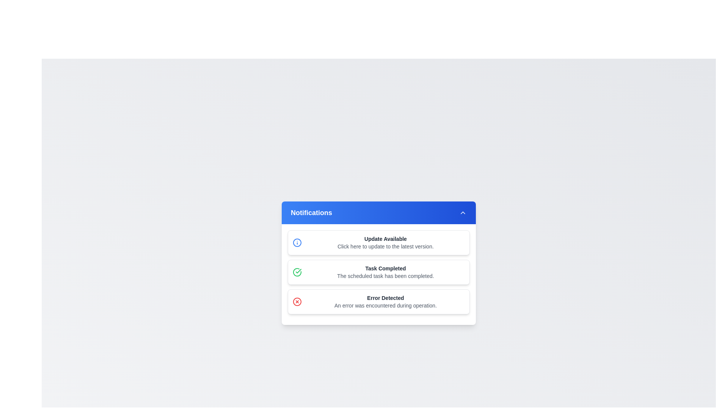  Describe the element at coordinates (386, 239) in the screenshot. I see `the bold heading text label that indicates an available update within the notification card at the top of the notifications list` at that location.